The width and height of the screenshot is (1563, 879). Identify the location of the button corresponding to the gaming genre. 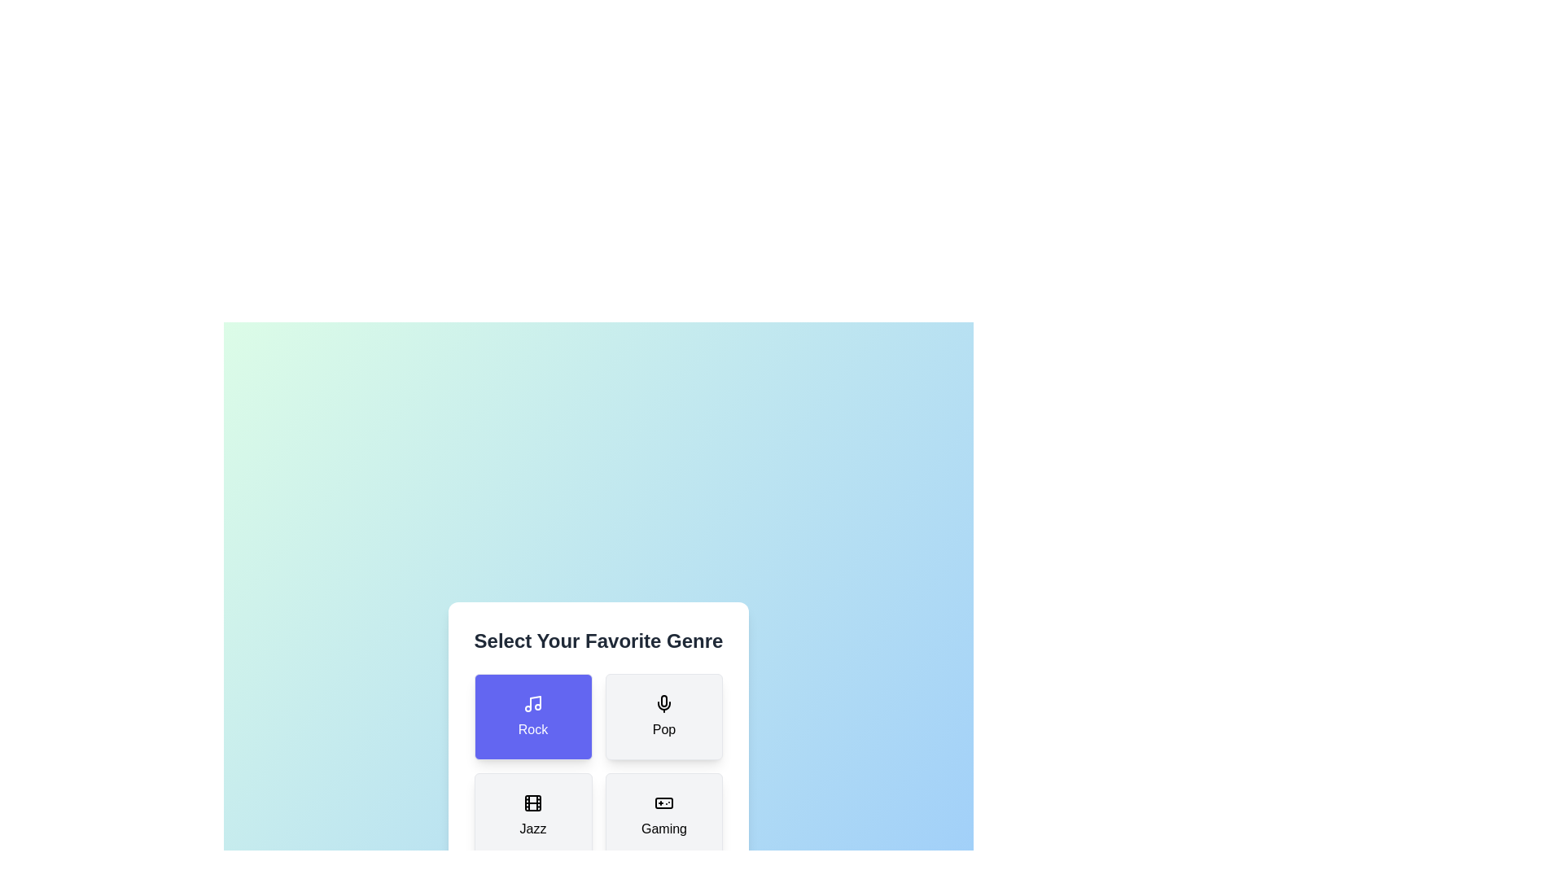
(664, 816).